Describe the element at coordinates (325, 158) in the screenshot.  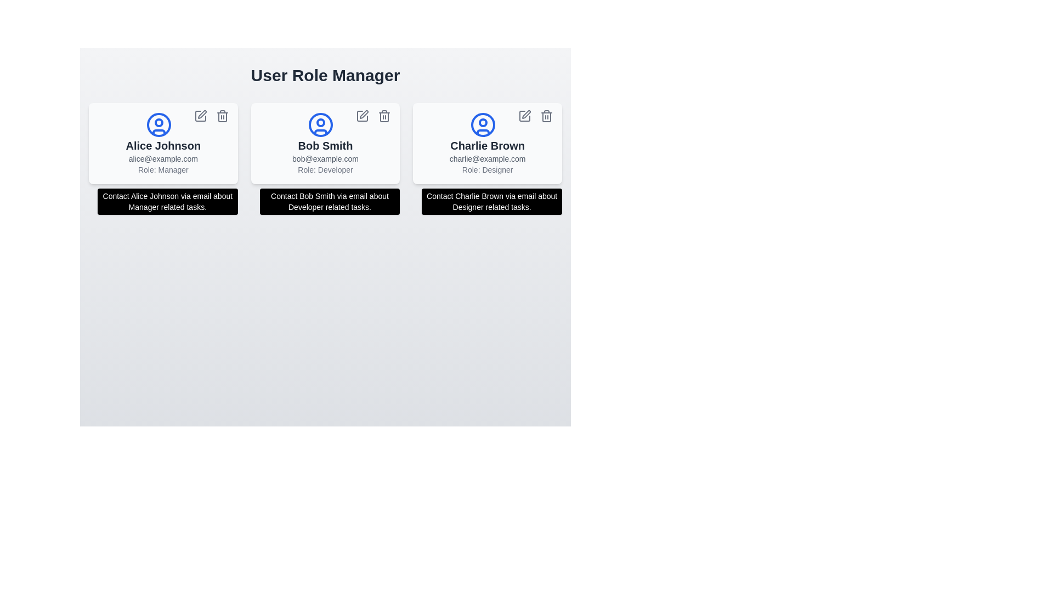
I see `the static text displaying the email address 'bob@example.com', which is styled in small, gray text and located in the center card of a horizontal triplet arrangement` at that location.